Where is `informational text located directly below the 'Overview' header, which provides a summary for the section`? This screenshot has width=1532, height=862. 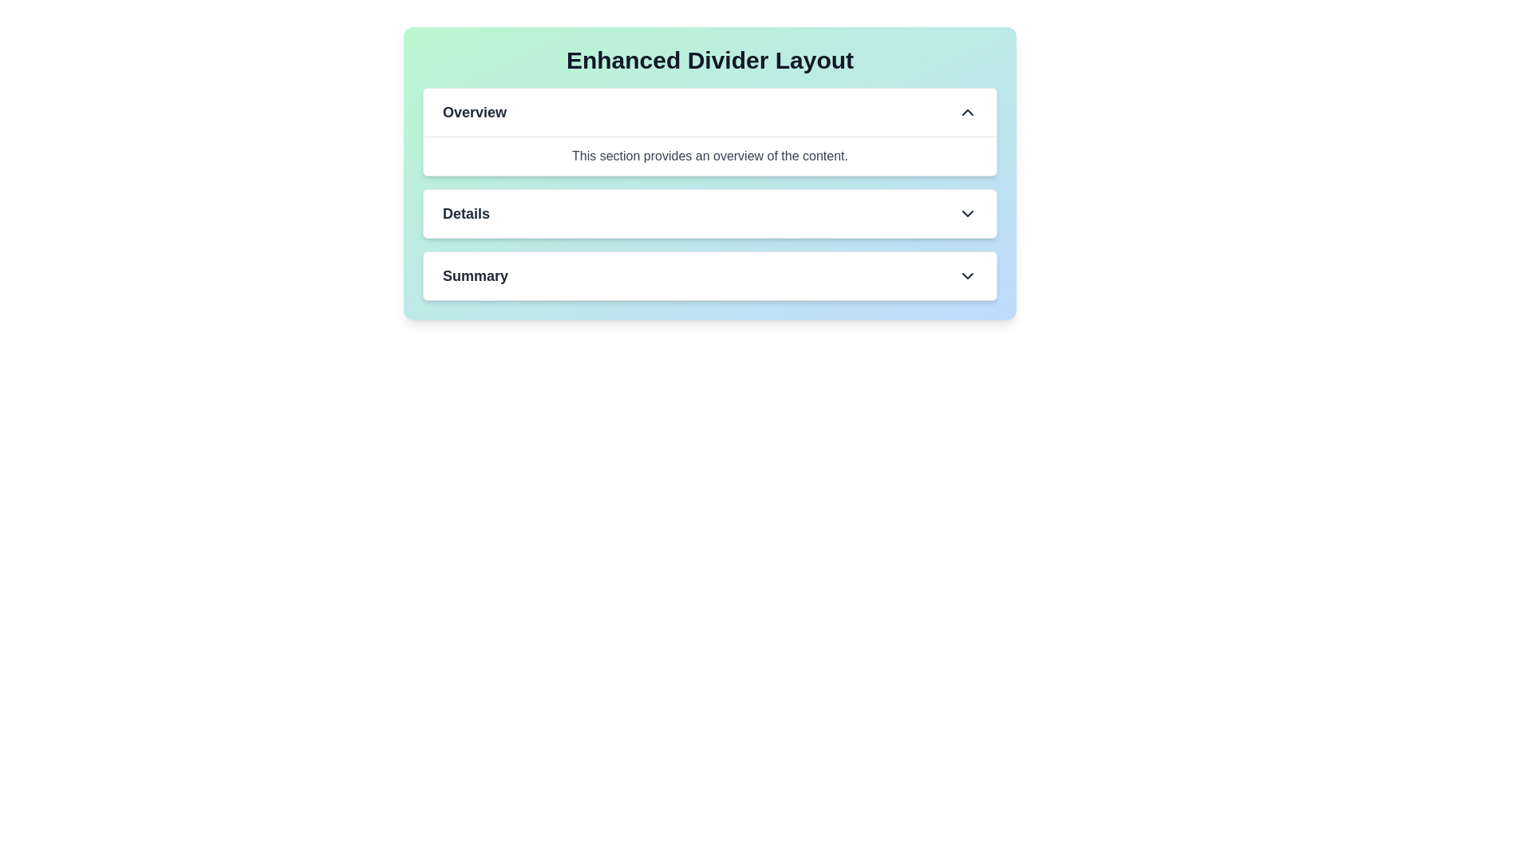 informational text located directly below the 'Overview' header, which provides a summary for the section is located at coordinates (709, 156).